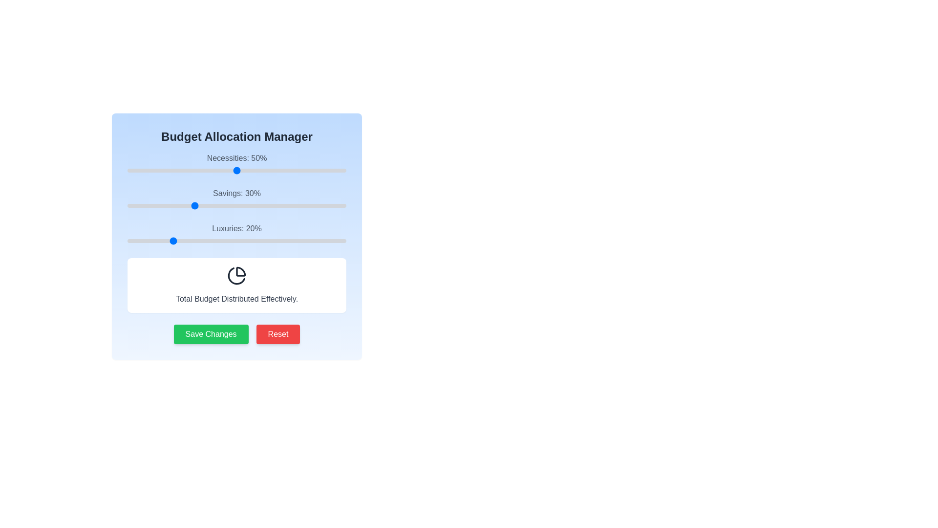 Image resolution: width=938 pixels, height=528 pixels. Describe the element at coordinates (308, 170) in the screenshot. I see `the 'necessities' slider` at that location.